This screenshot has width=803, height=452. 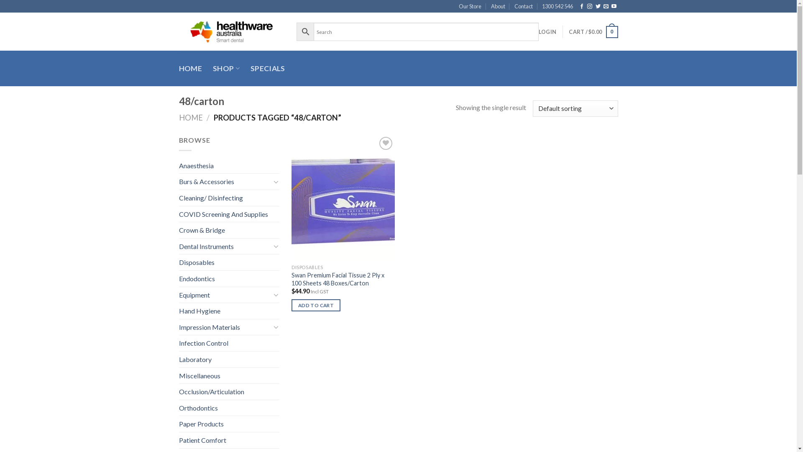 I want to click on 'Follow on Twitter', so click(x=598, y=6).